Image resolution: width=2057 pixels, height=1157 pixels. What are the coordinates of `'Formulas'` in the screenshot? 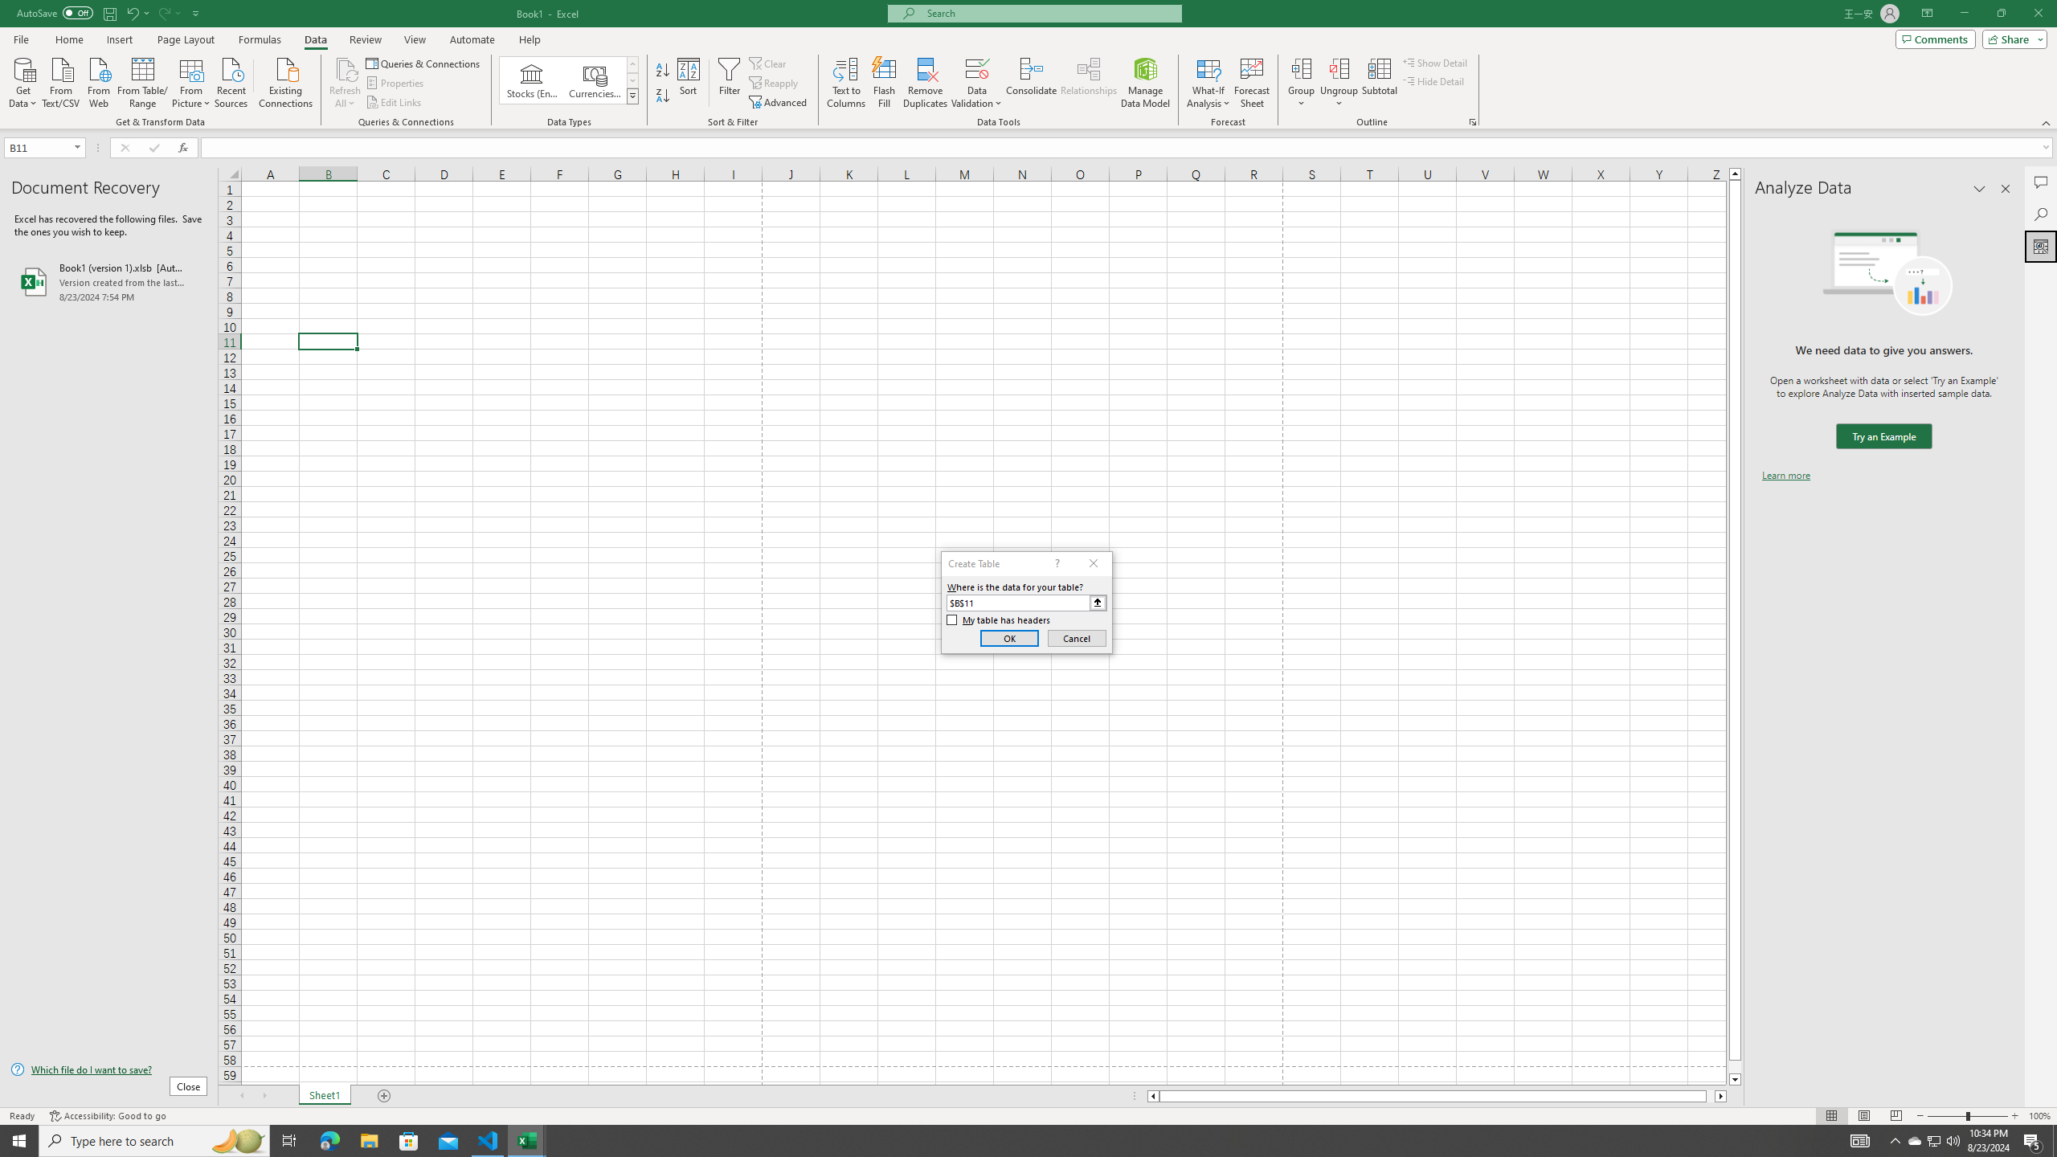 It's located at (261, 39).